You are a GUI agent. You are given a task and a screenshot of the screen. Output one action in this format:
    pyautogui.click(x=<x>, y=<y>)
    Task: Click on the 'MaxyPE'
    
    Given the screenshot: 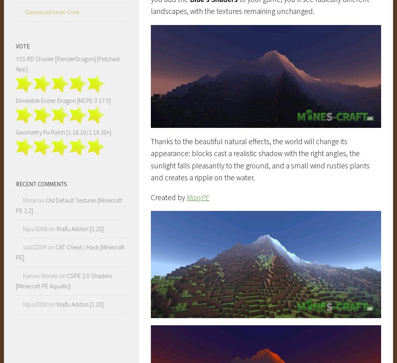 What is the action you would take?
    pyautogui.click(x=186, y=197)
    